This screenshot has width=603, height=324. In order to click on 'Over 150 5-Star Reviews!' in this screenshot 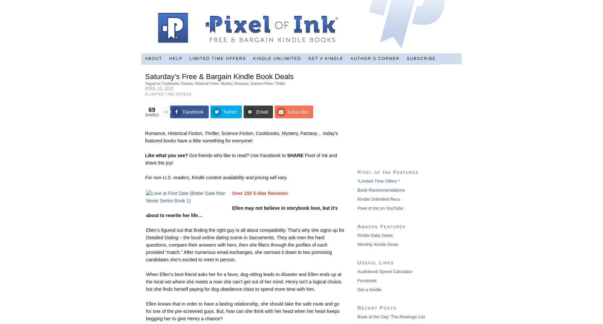, I will do `click(260, 193)`.